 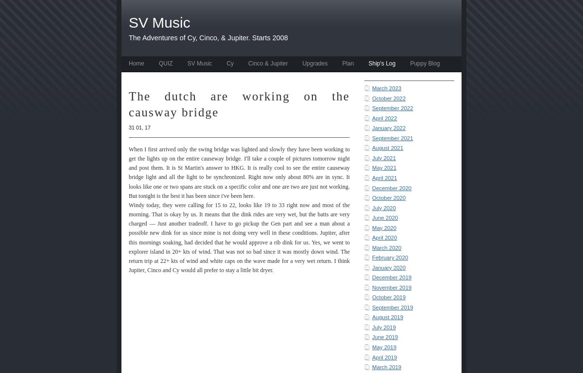 I want to click on 'June 2020', so click(x=384, y=218).